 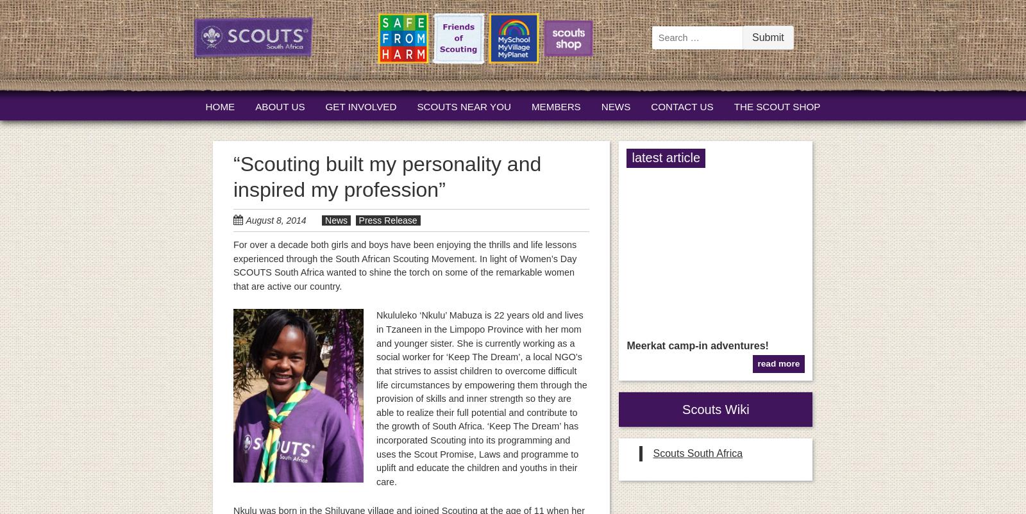 I want to click on 'Read More', so click(x=778, y=363).